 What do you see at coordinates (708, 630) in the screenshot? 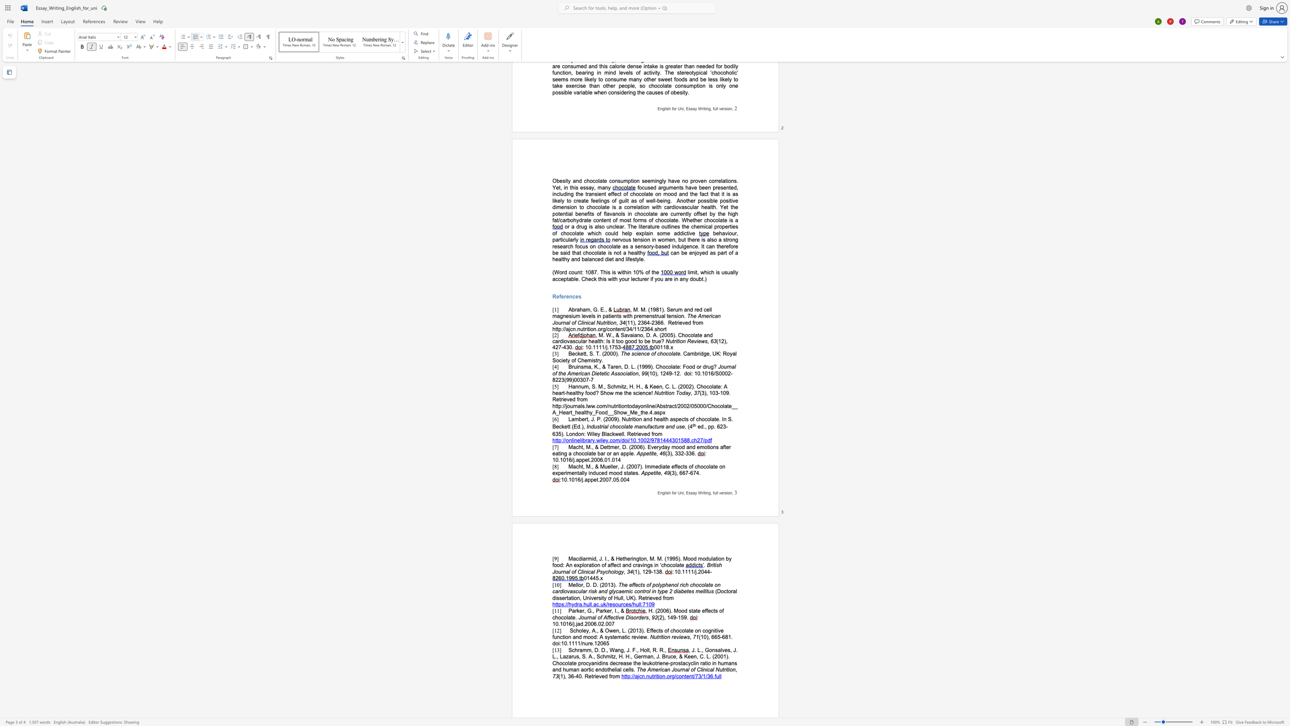
I see `the space between the continuous character "o" and "g" in the text` at bounding box center [708, 630].